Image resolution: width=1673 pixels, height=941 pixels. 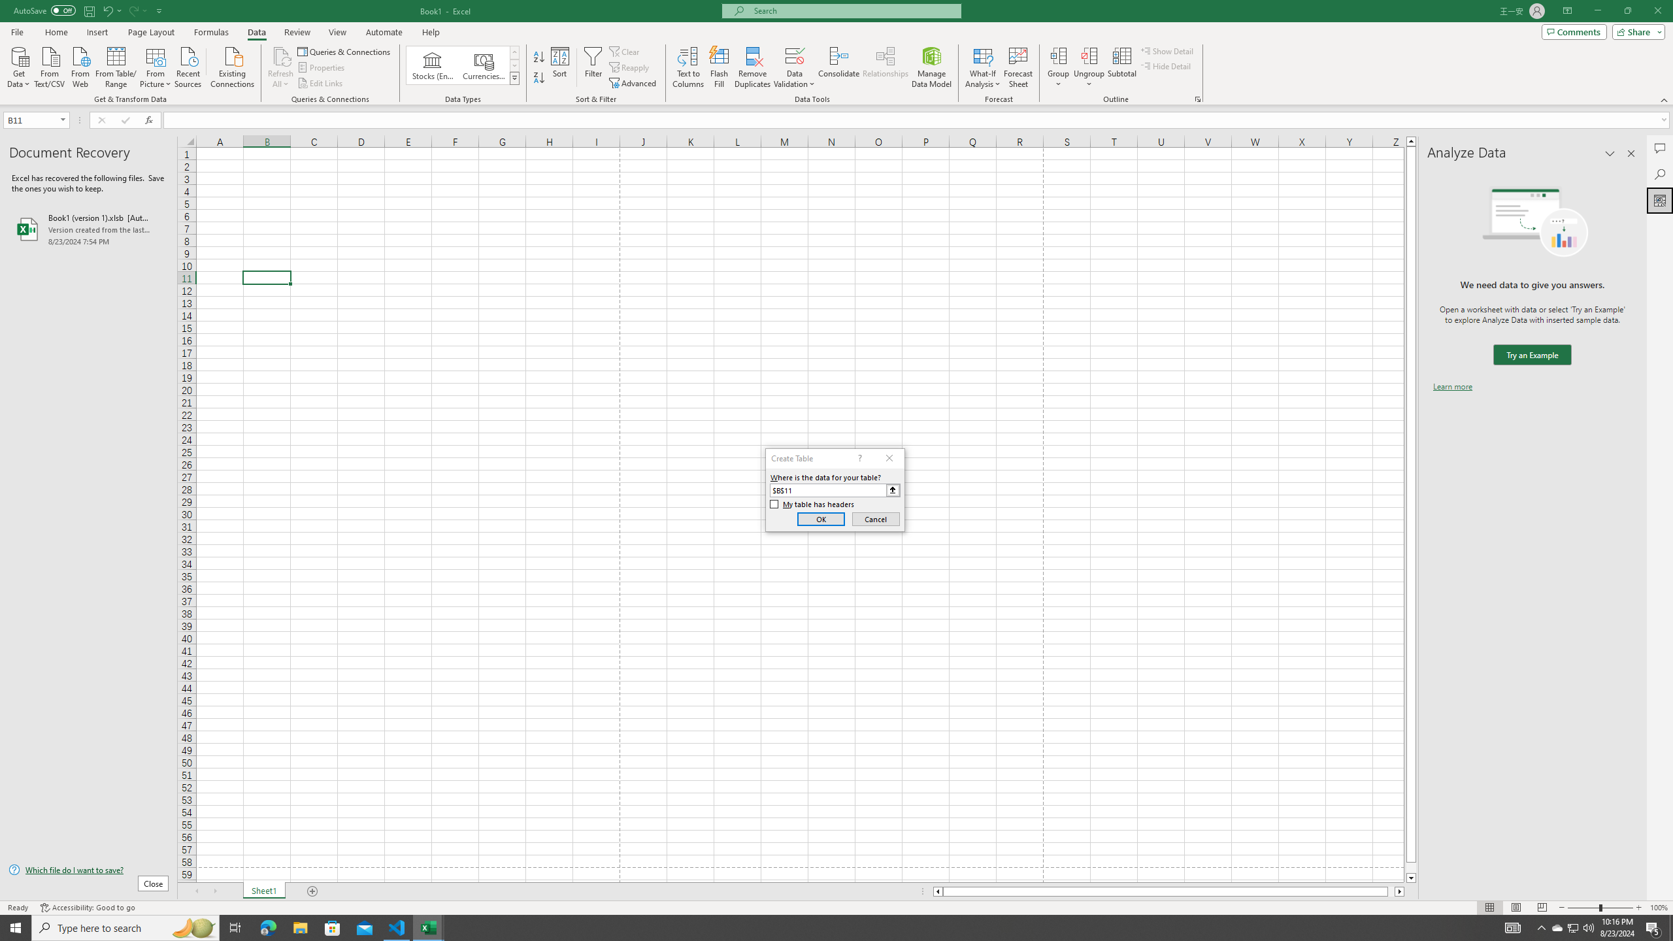 I want to click on 'Insert', so click(x=96, y=32).